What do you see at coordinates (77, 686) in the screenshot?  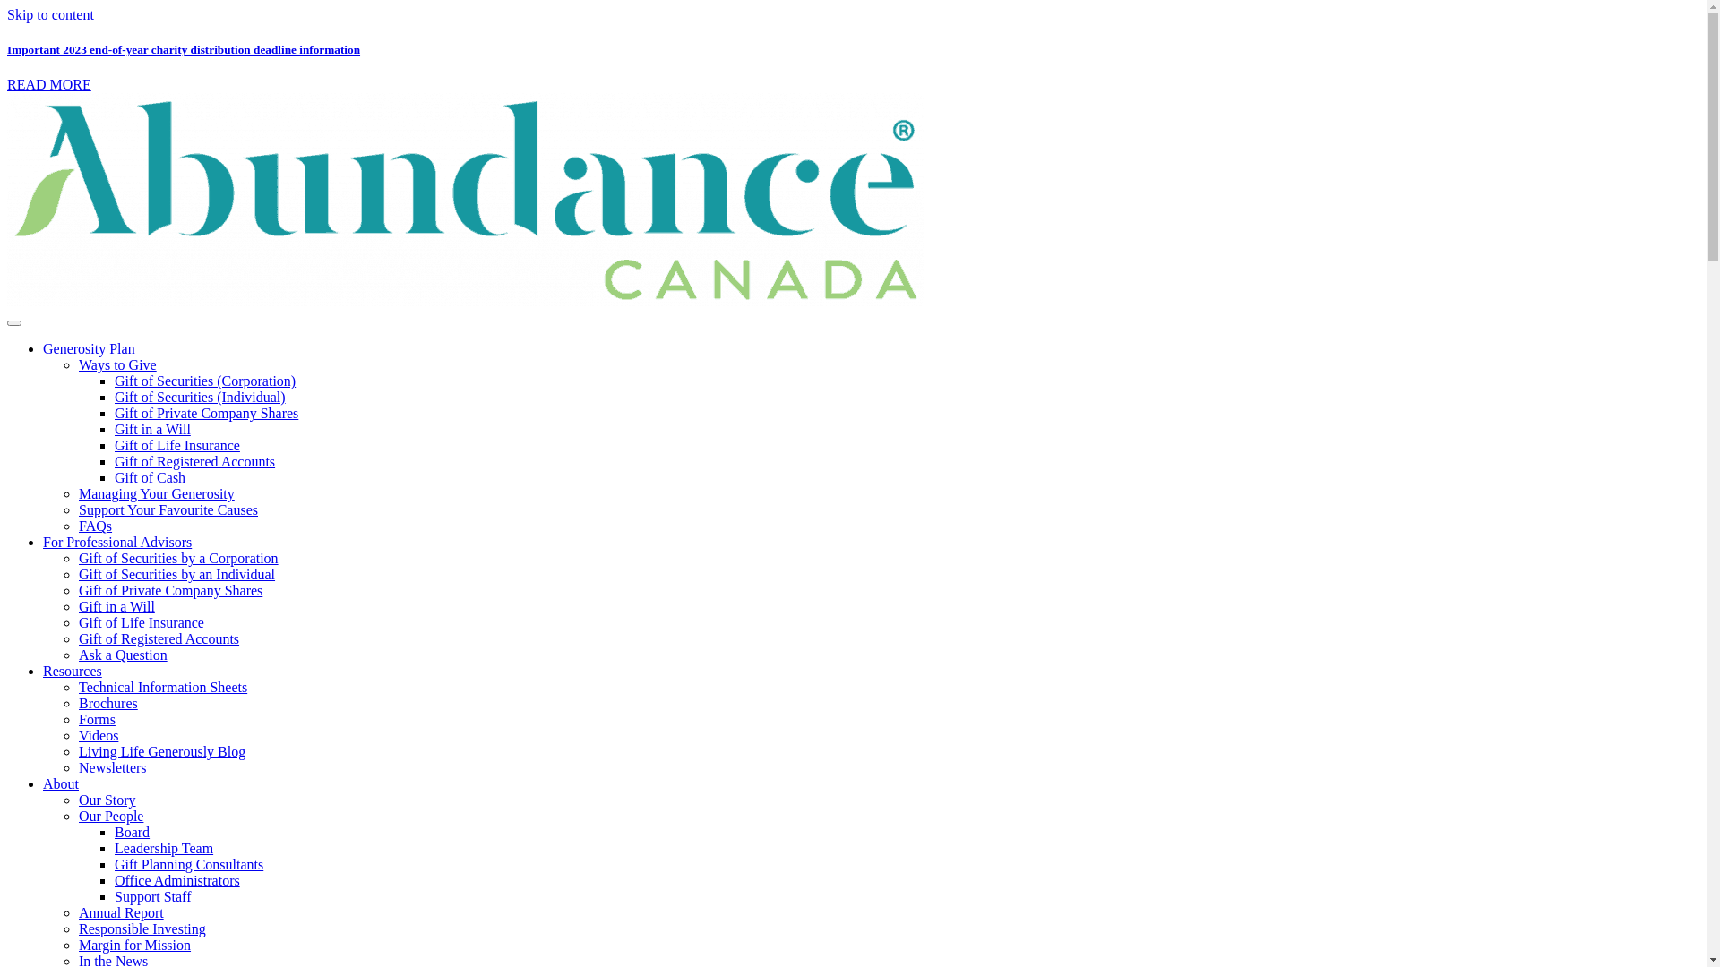 I see `'Technical Information Sheets'` at bounding box center [77, 686].